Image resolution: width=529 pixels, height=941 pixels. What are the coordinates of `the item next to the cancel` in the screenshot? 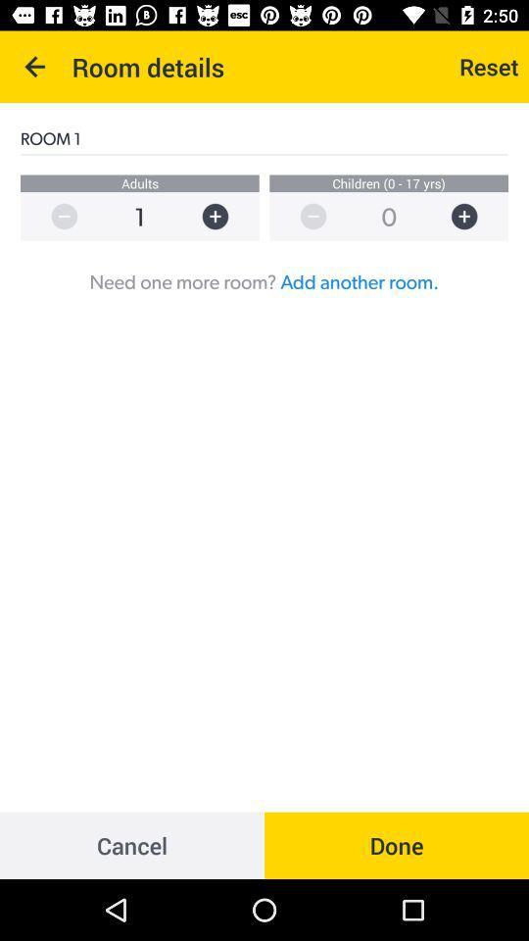 It's located at (397, 844).